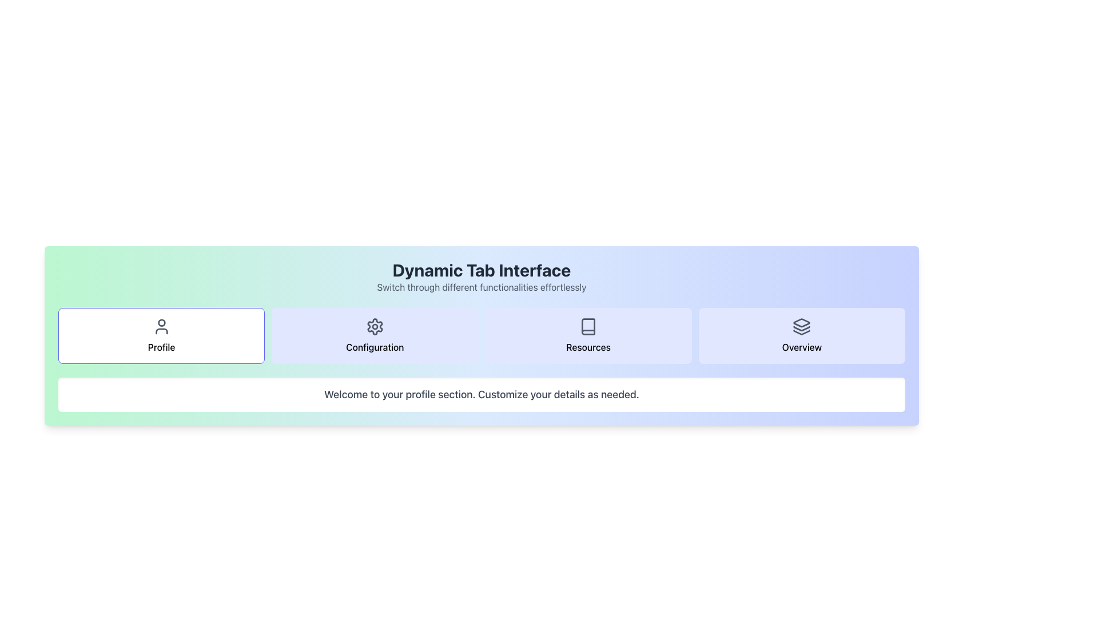 This screenshot has height=617, width=1098. Describe the element at coordinates (801, 335) in the screenshot. I see `the 'Overview' button, which is a rectangular button with a soft blue background and a centered icon resembling layered blocks in gray` at that location.